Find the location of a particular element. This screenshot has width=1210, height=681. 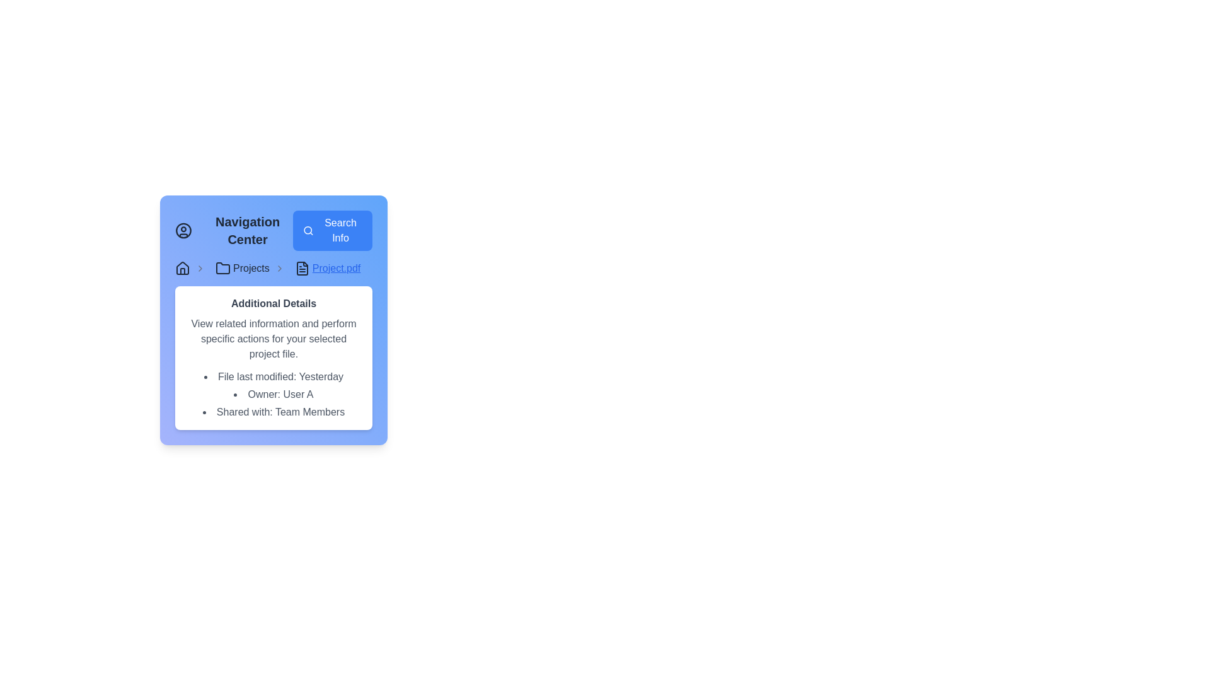

the document icon represented as a stylized document with a folded corner, located near the 'Project.pdf' label in the top-right quadrant of the window is located at coordinates (301, 267).